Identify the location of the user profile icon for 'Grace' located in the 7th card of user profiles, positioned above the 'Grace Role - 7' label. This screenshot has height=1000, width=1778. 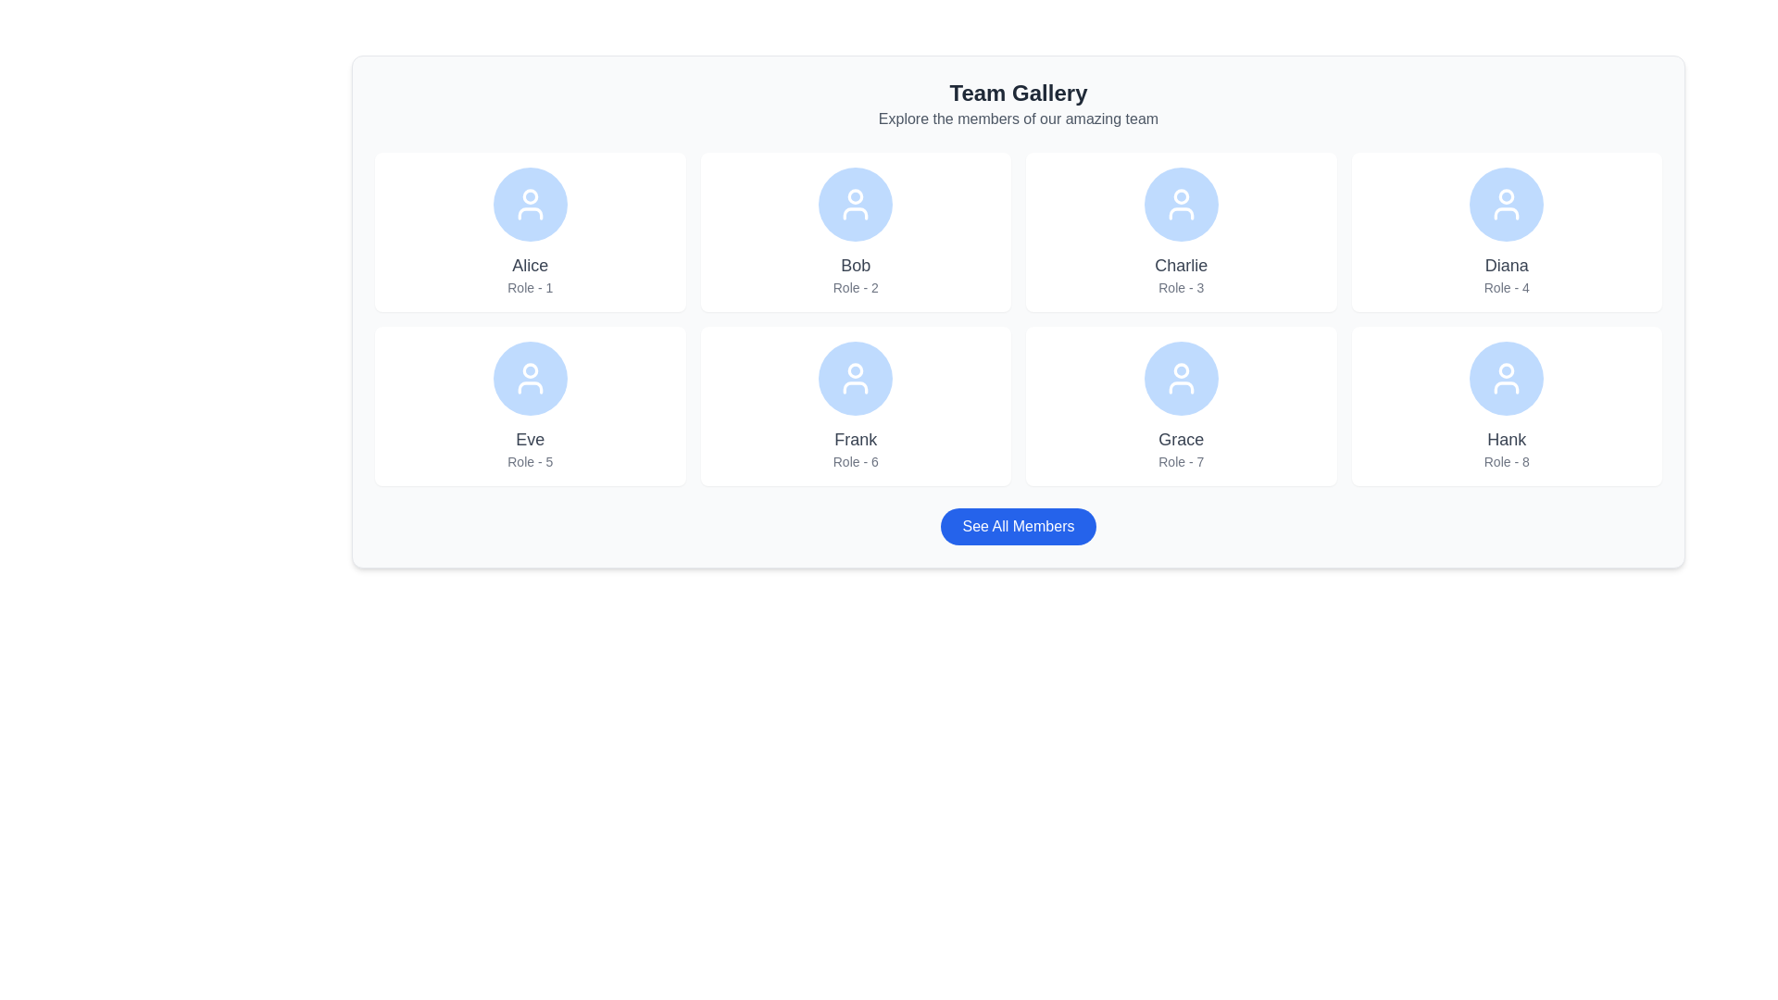
(1180, 377).